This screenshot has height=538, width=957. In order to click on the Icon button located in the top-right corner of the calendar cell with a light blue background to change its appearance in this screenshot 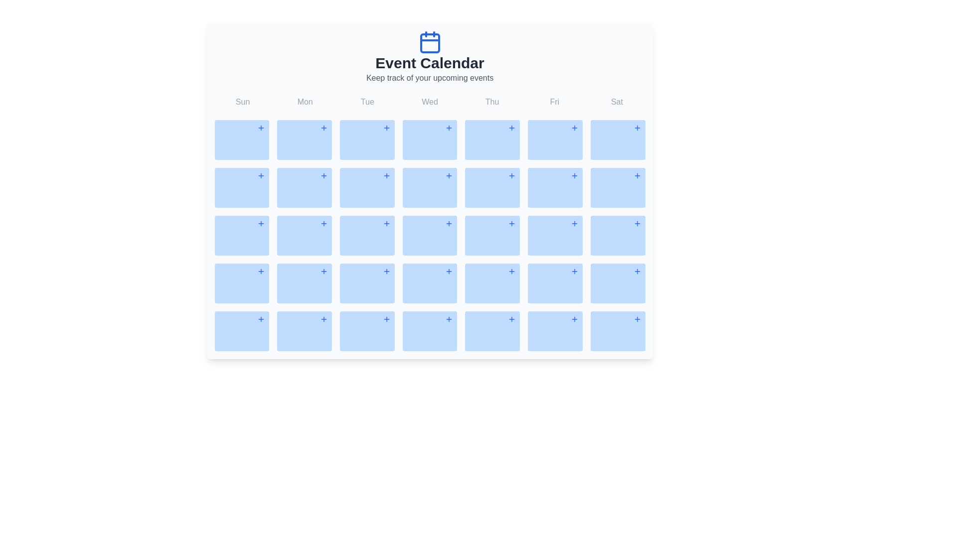, I will do `click(637, 319)`.